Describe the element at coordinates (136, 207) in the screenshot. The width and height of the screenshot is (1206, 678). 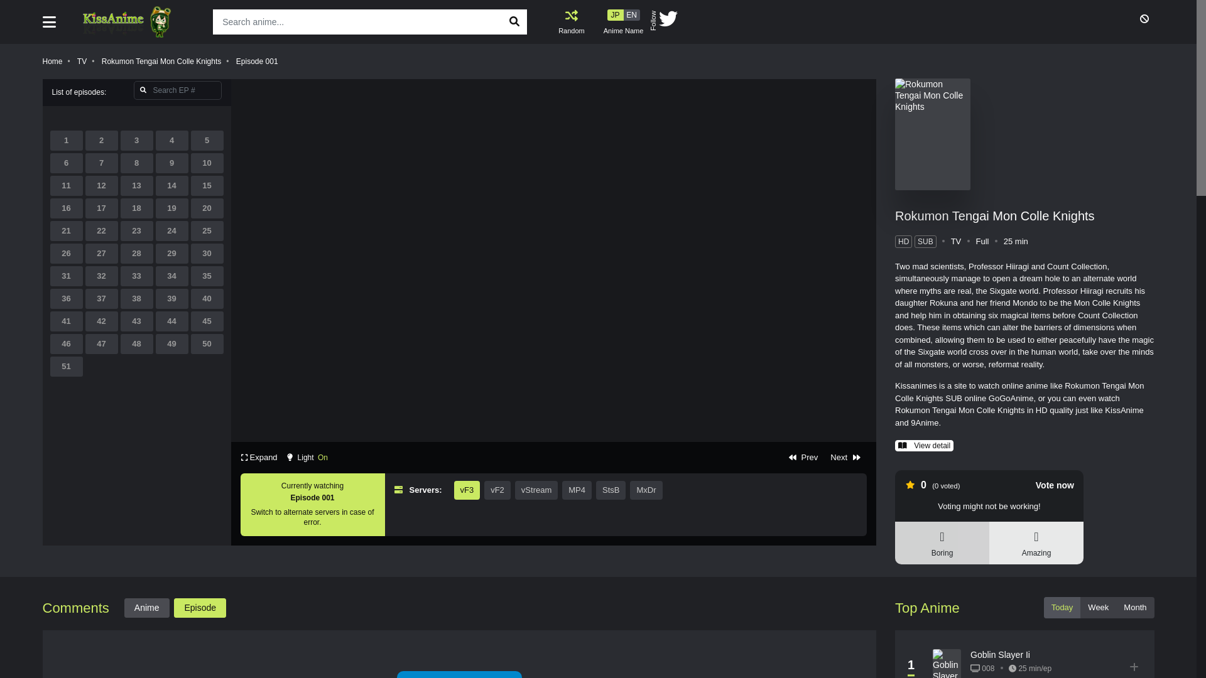
I see `'18'` at that location.